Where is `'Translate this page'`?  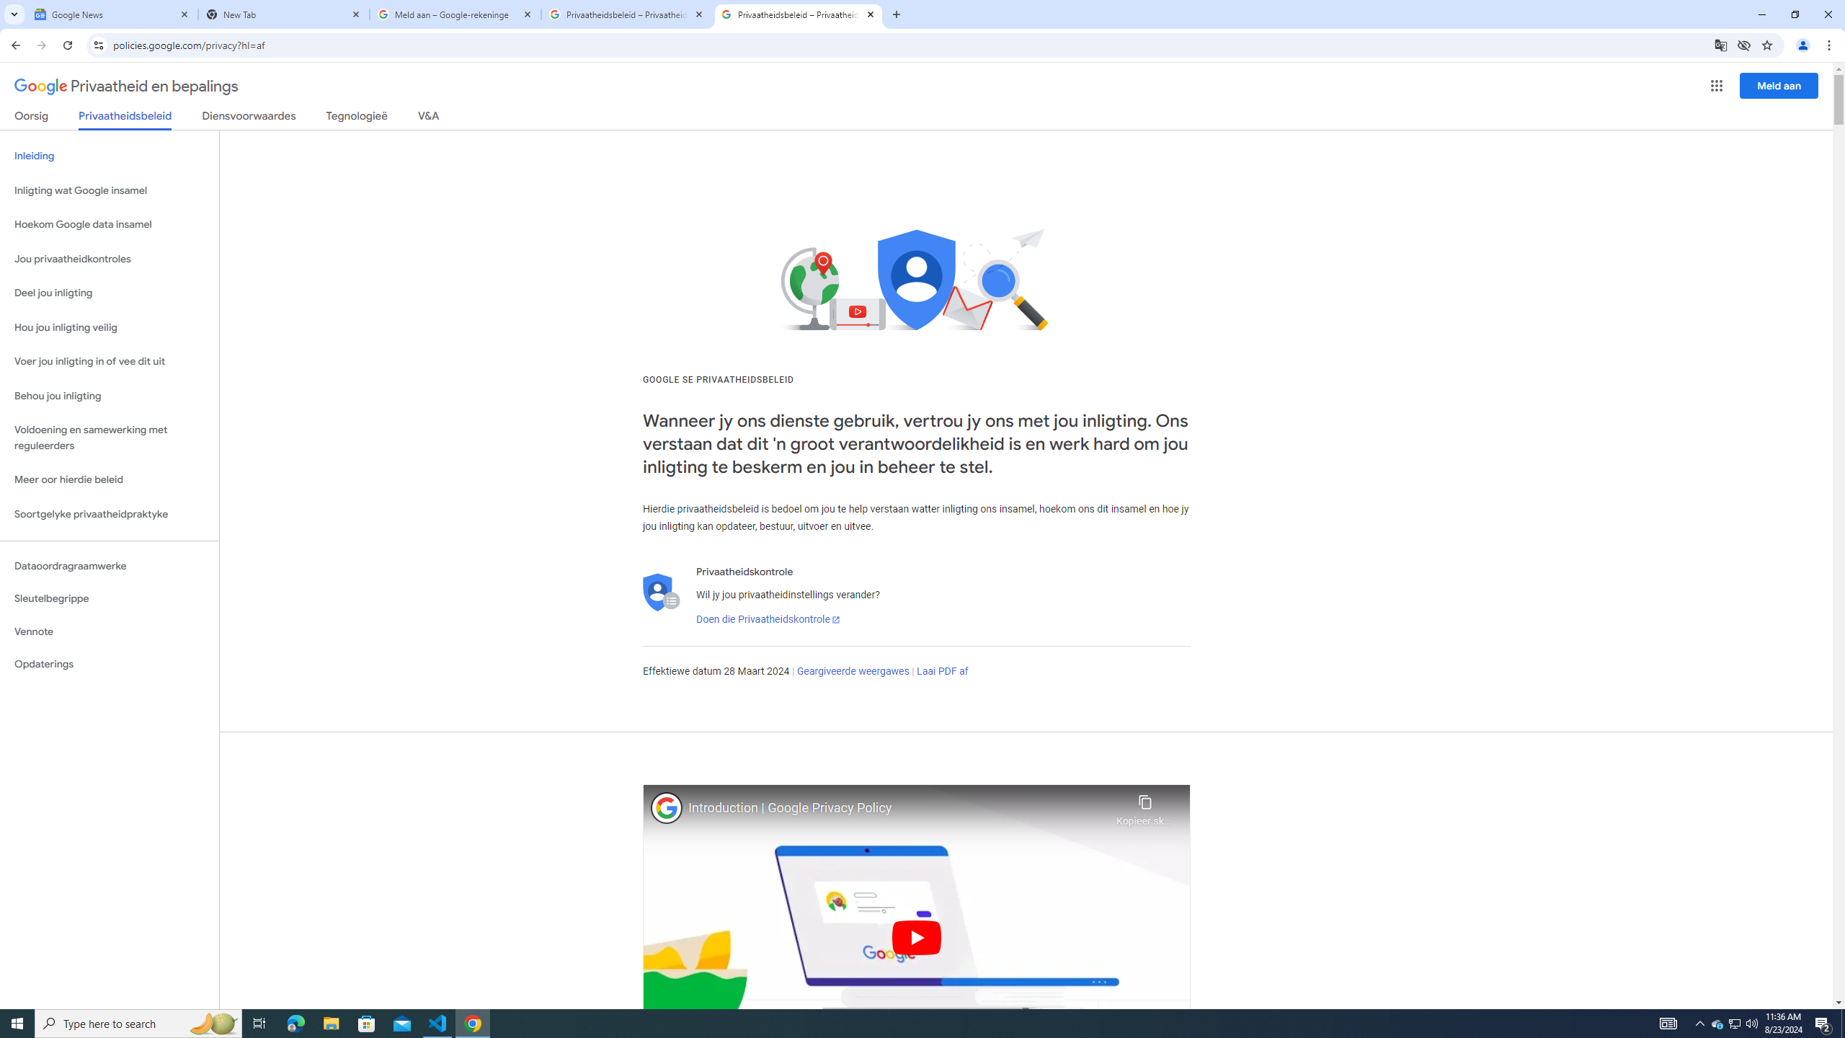
'Translate this page' is located at coordinates (1721, 44).